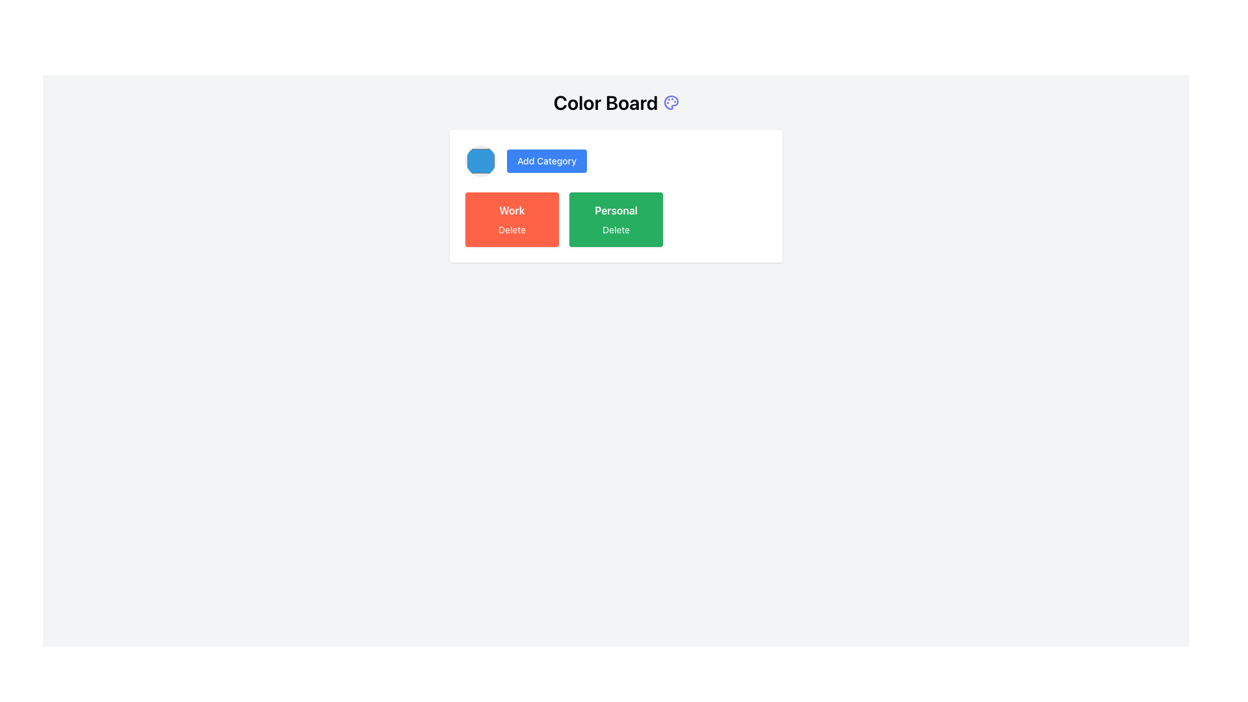 This screenshot has height=702, width=1248. Describe the element at coordinates (616, 219) in the screenshot. I see `the 'Personal' category marker` at that location.